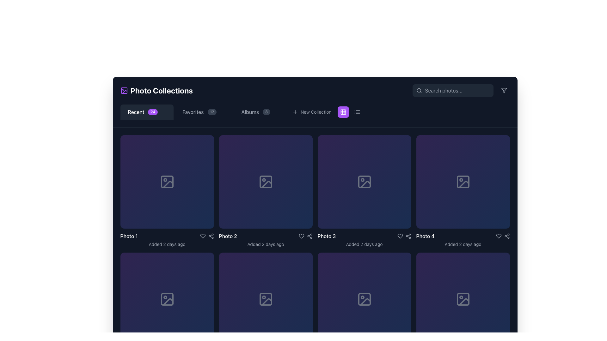 The image size is (607, 341). Describe the element at coordinates (498, 236) in the screenshot. I see `the Heart icon located in the bottom right of the 'Photo 4' image card` at that location.